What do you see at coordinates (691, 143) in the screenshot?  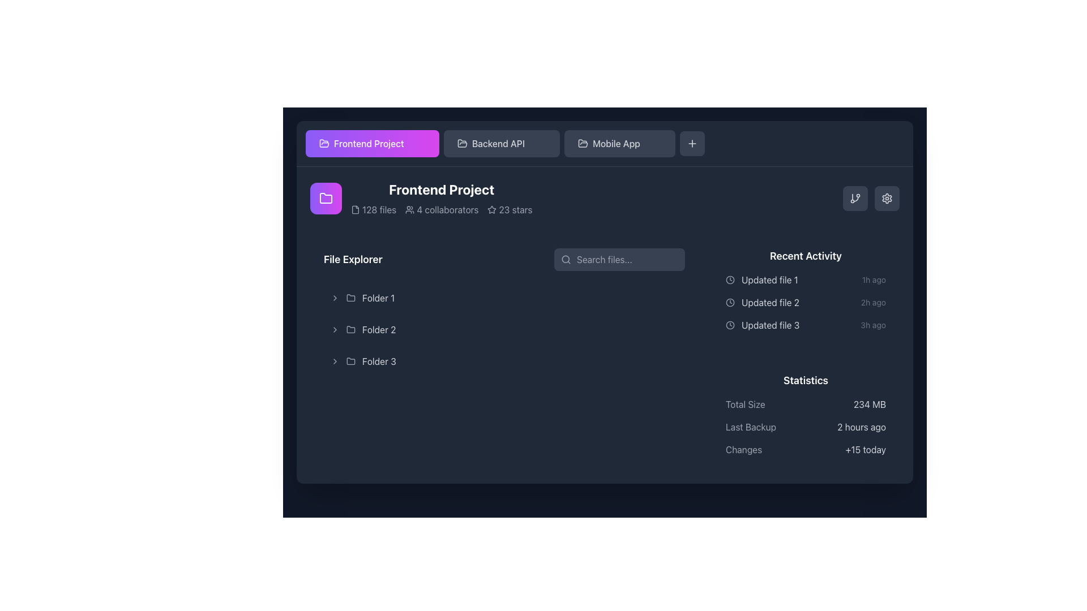 I see `the 'Add' button located at the top-right corner of the interface` at bounding box center [691, 143].